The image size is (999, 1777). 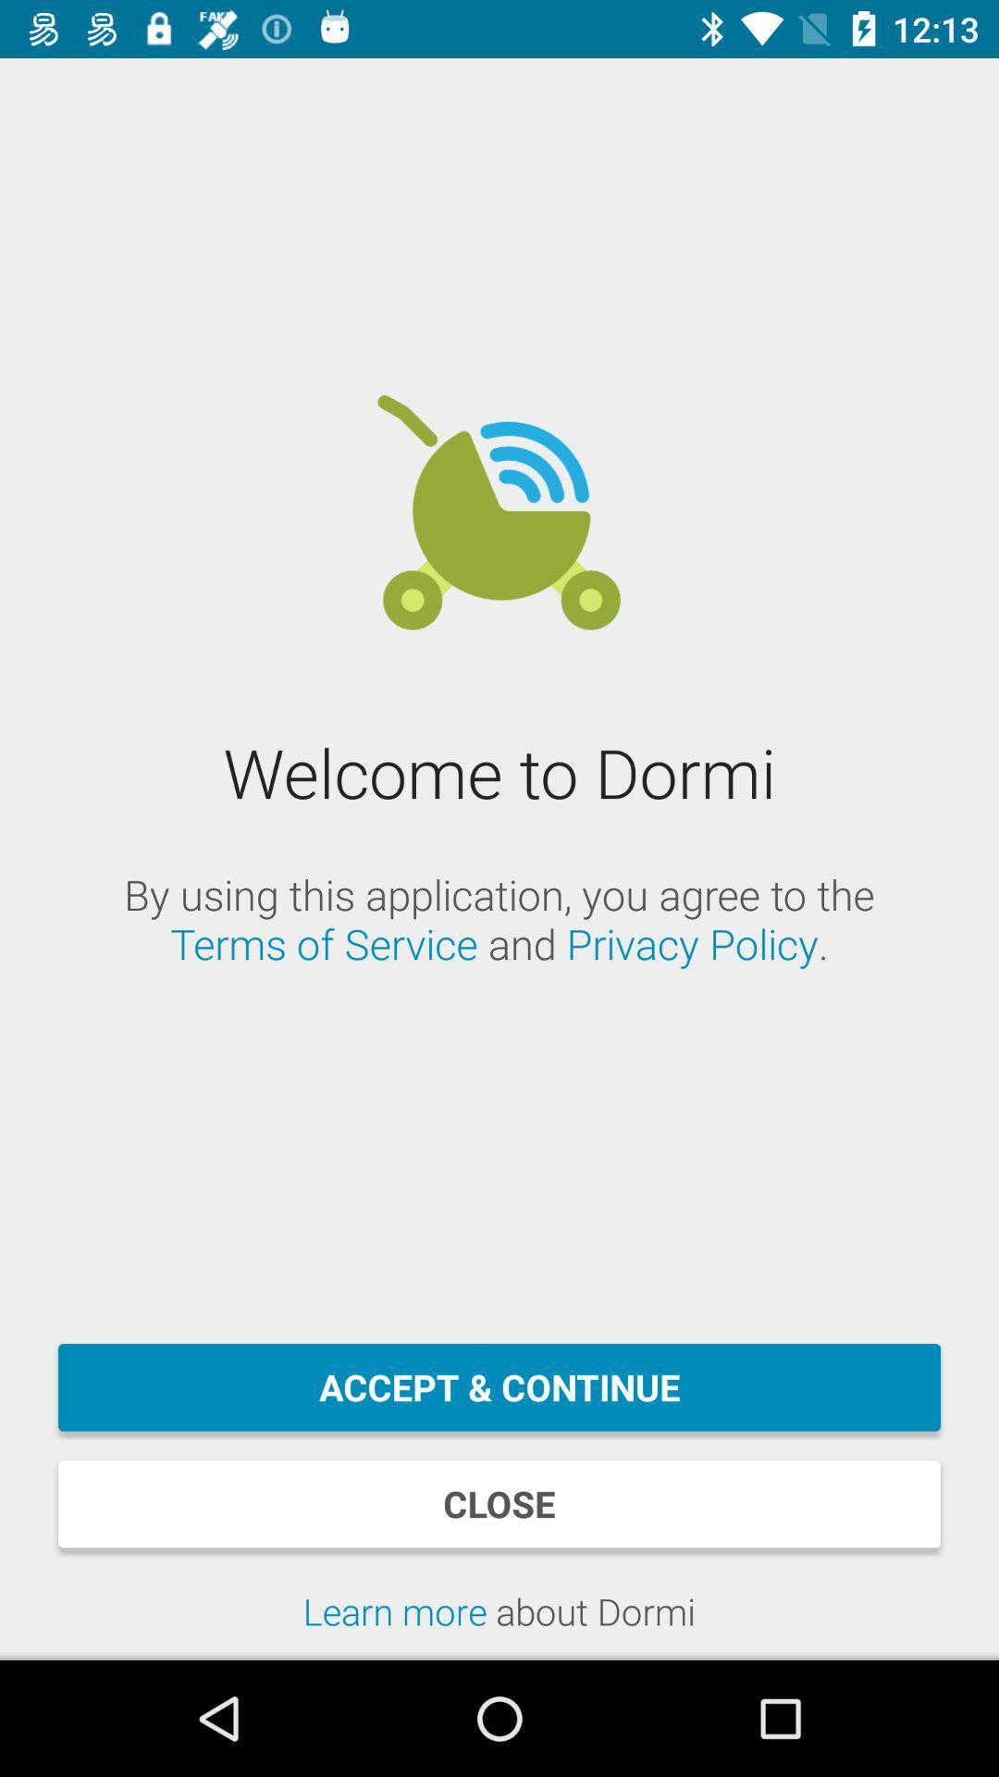 I want to click on the accept & continue, so click(x=499, y=1387).